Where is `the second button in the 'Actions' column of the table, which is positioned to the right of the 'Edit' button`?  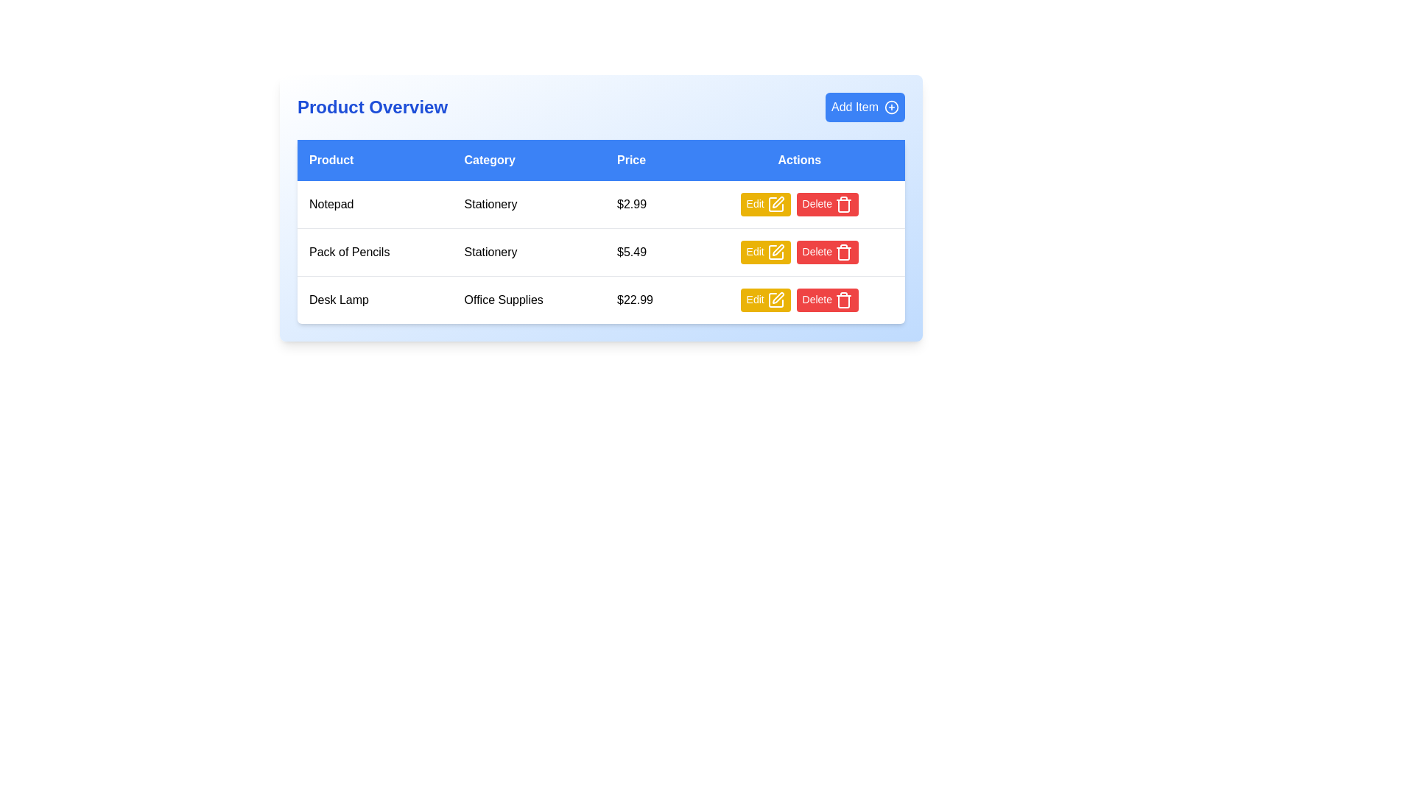 the second button in the 'Actions' column of the table, which is positioned to the right of the 'Edit' button is located at coordinates (827, 204).